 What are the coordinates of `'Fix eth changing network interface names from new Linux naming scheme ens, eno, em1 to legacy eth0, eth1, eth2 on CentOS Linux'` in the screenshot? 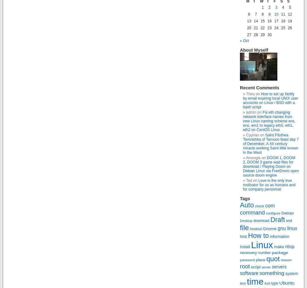 It's located at (269, 120).